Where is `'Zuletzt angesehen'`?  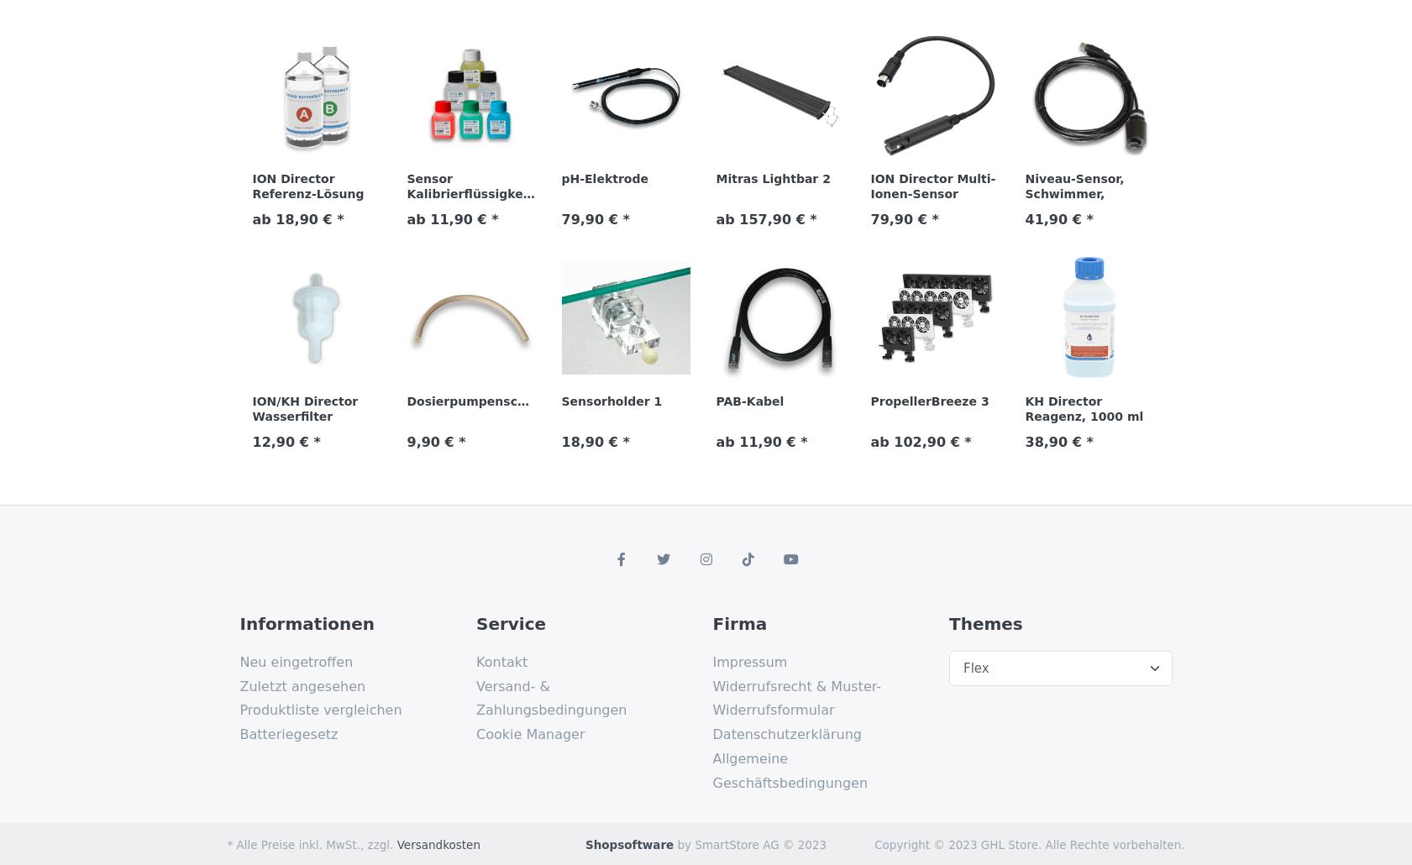
'Zuletzt angesehen' is located at coordinates (302, 684).